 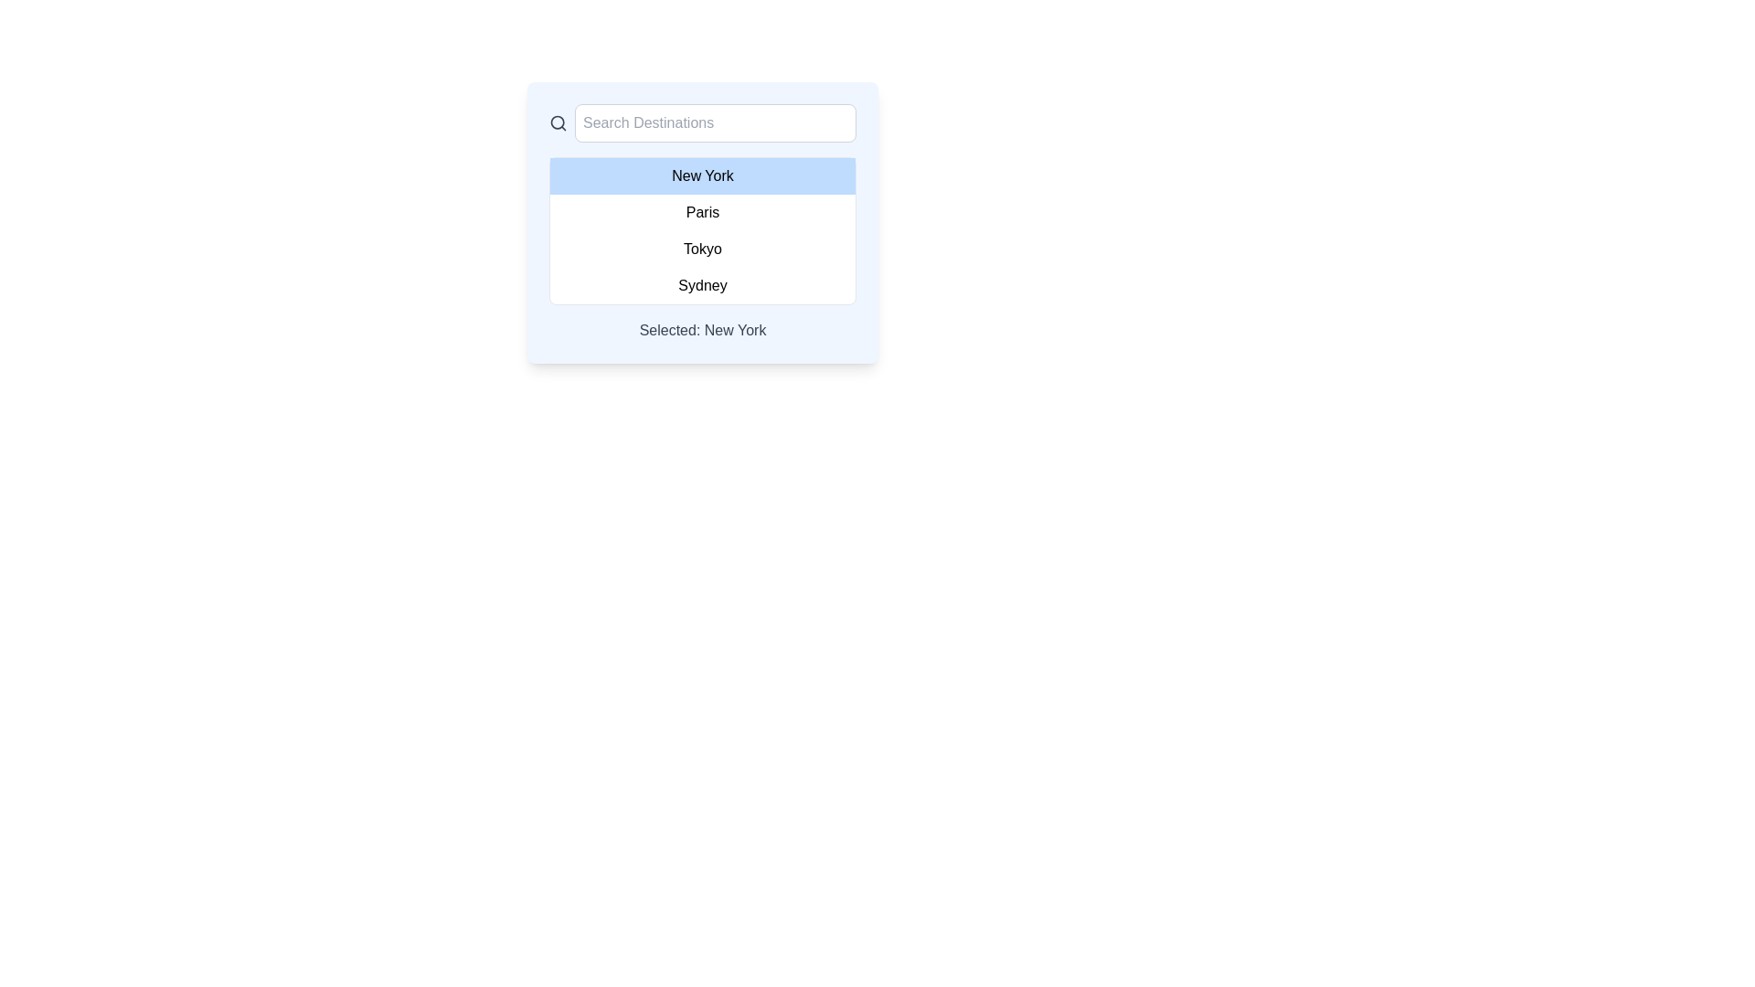 What do you see at coordinates (557, 123) in the screenshot?
I see `the circular search icon with a magnifying glass design located to the inside-left of the text input field labeled 'Search Destinations'` at bounding box center [557, 123].